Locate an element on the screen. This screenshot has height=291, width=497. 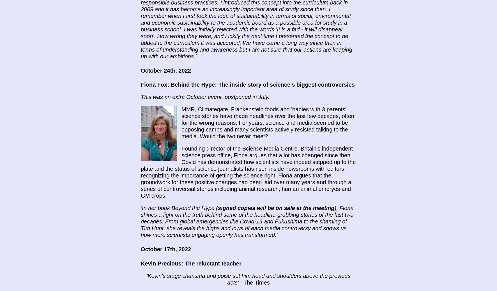
''Kevin's stage charisma and poise set him head and shoulders above the
previous acts'' is located at coordinates (248, 279).